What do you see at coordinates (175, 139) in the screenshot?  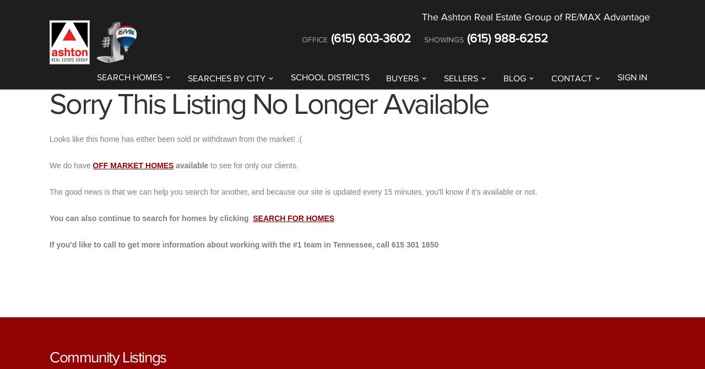 I see `'Looks like this home has either been sold or withdrawn from the market! :('` at bounding box center [175, 139].